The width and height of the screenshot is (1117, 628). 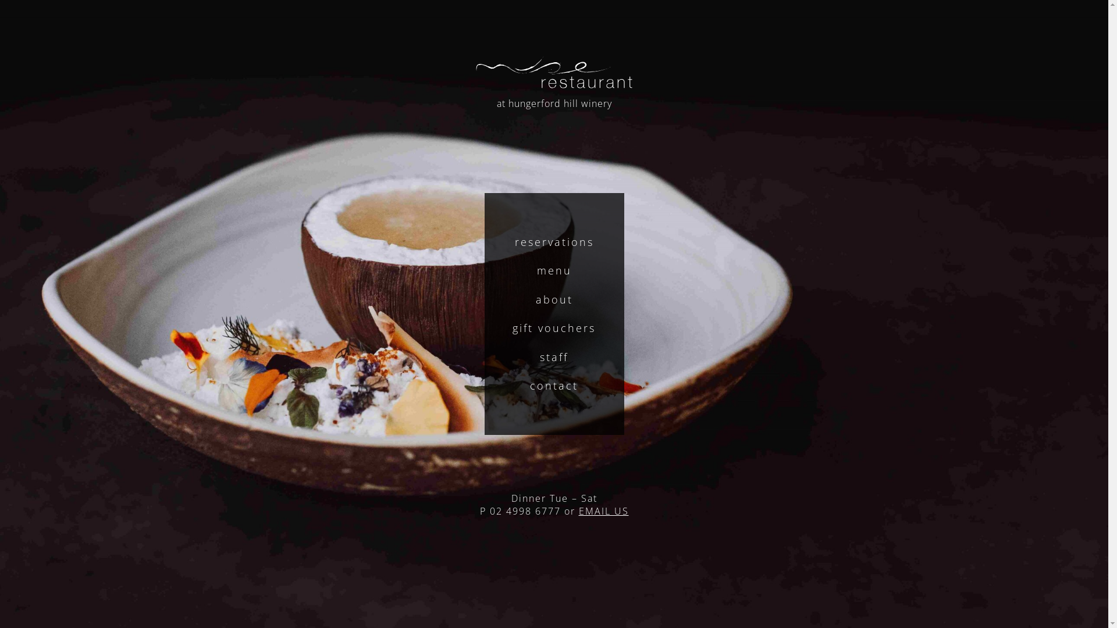 What do you see at coordinates (553, 328) in the screenshot?
I see `'gift vouchers'` at bounding box center [553, 328].